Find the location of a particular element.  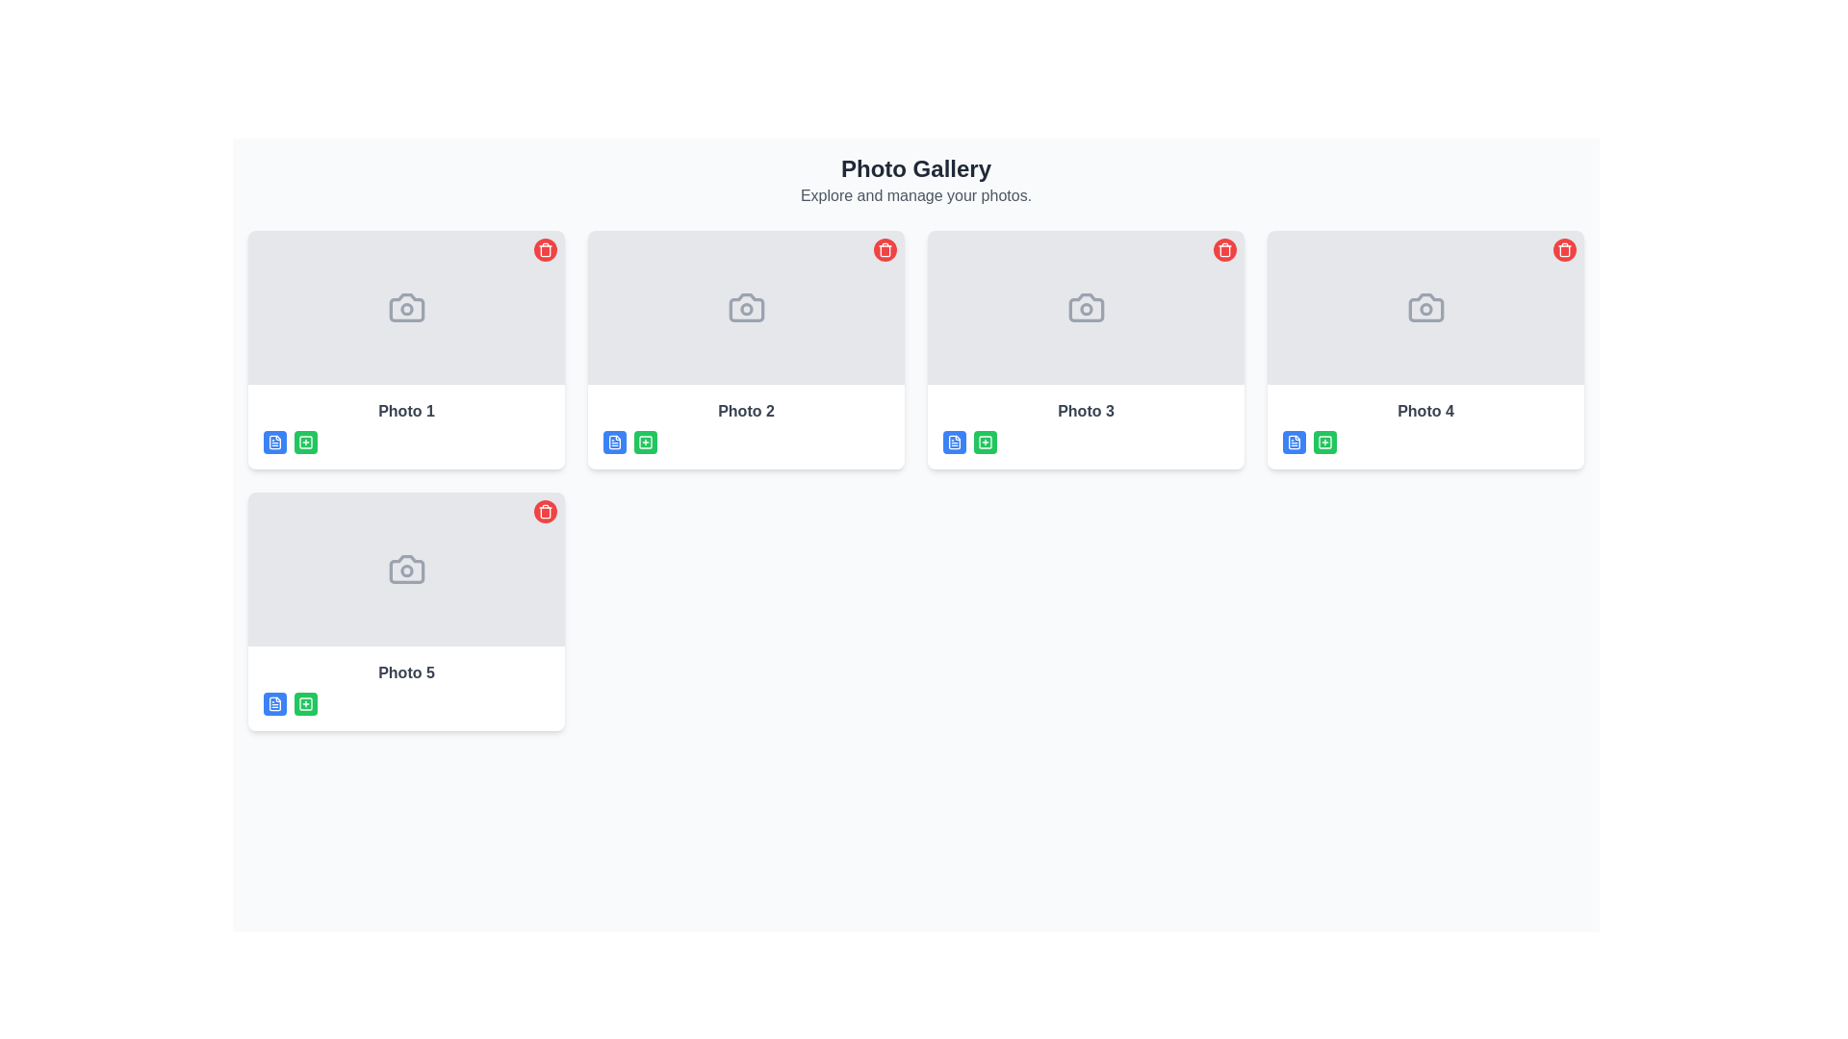

the placeholder graphic indicating the absence of an image in the lower-left photo card labeled 'Photo 5' is located at coordinates (405, 568).